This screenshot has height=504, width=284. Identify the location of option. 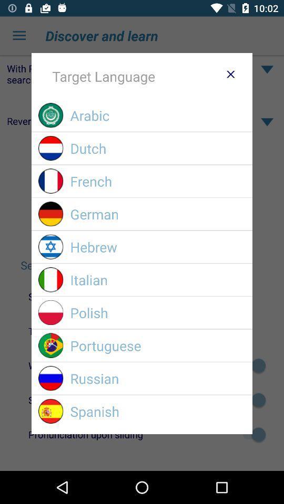
(230, 73).